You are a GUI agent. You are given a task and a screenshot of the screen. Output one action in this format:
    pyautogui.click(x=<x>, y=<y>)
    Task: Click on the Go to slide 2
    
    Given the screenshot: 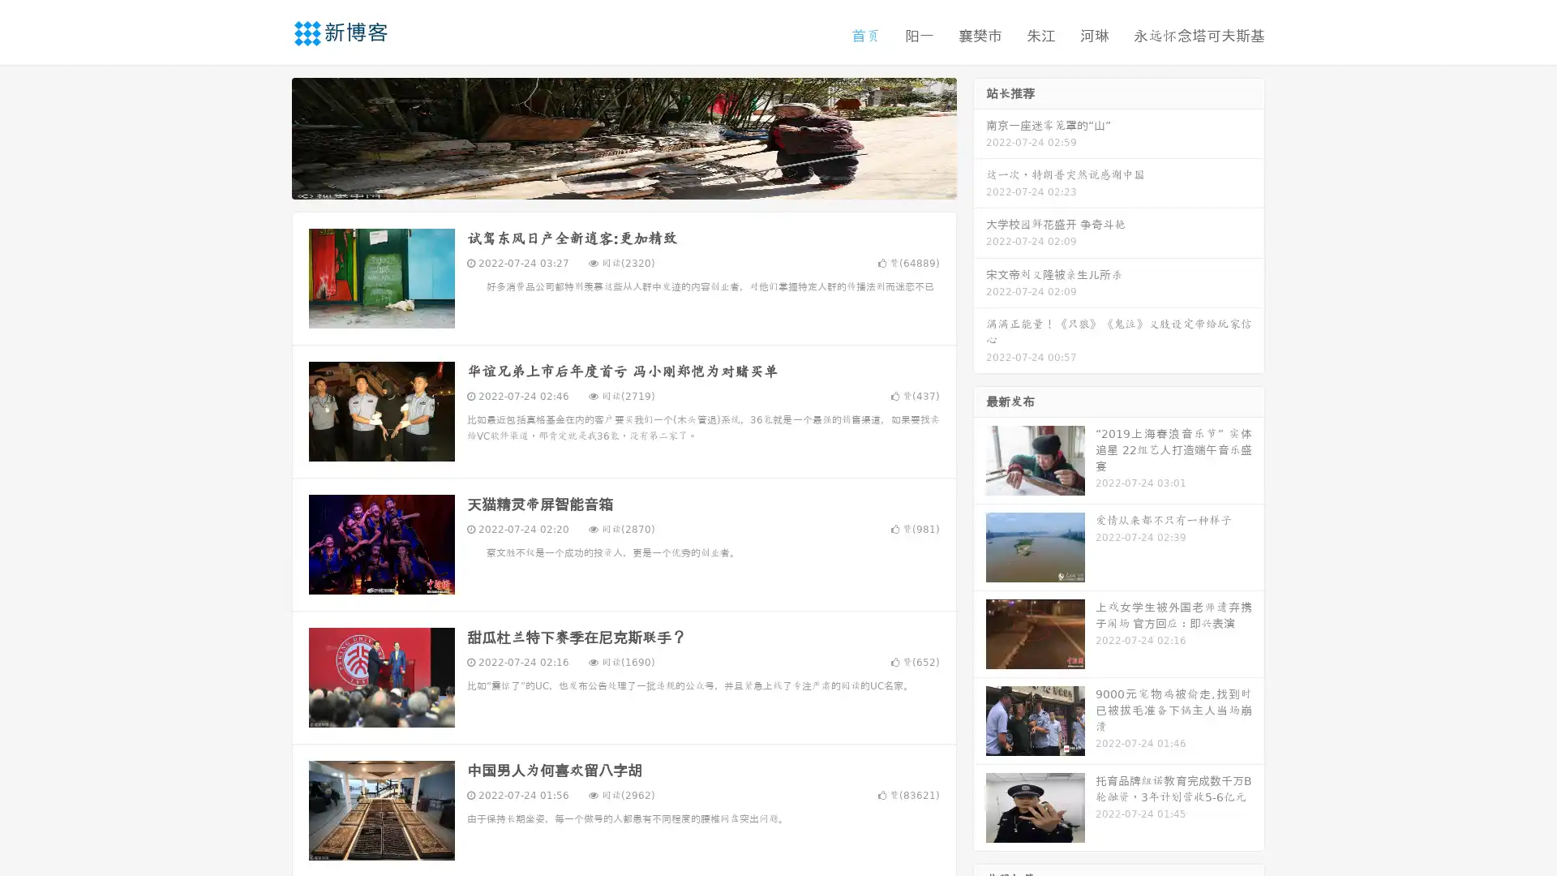 What is the action you would take?
    pyautogui.click(x=623, y=182)
    